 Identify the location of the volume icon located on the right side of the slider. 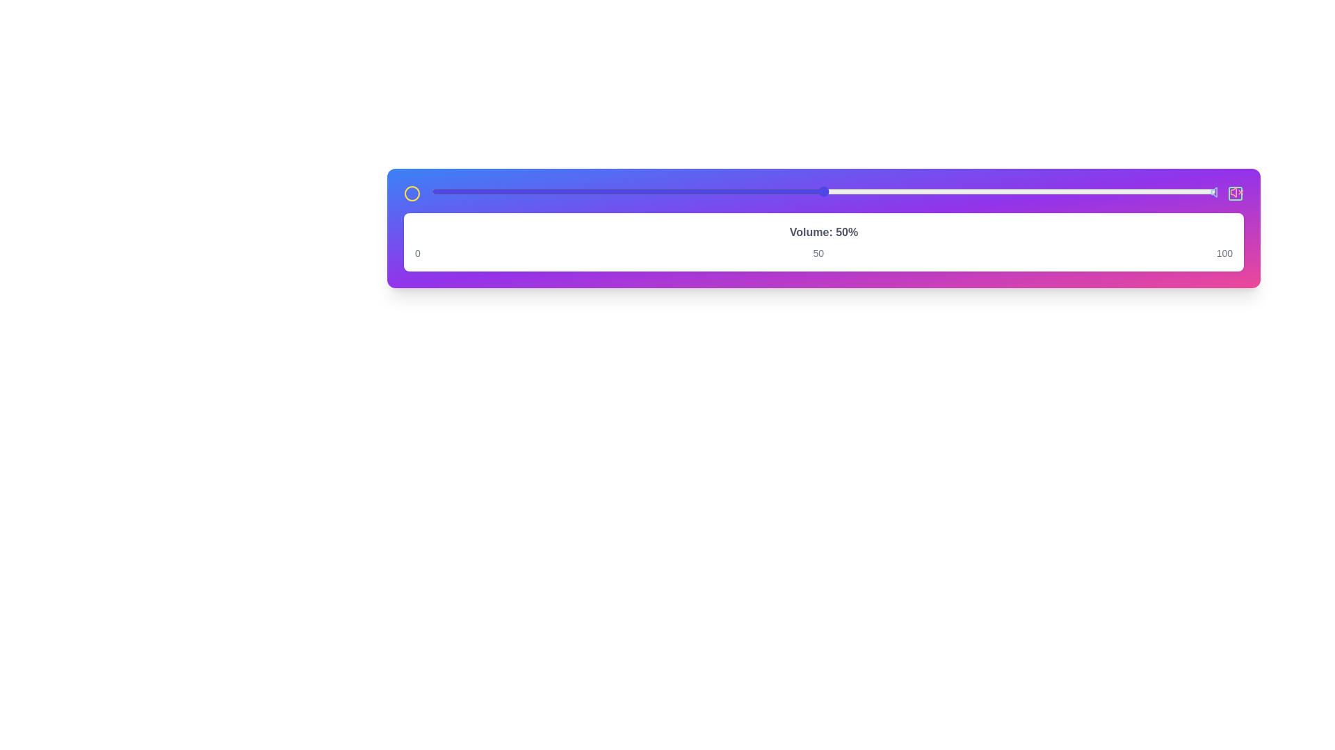
(1217, 192).